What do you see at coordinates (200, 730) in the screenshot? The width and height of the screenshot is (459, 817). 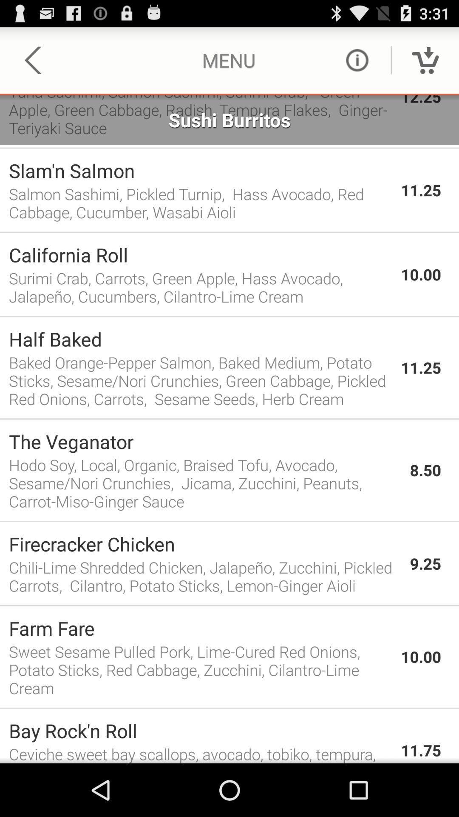 I see `bay rock n icon` at bounding box center [200, 730].